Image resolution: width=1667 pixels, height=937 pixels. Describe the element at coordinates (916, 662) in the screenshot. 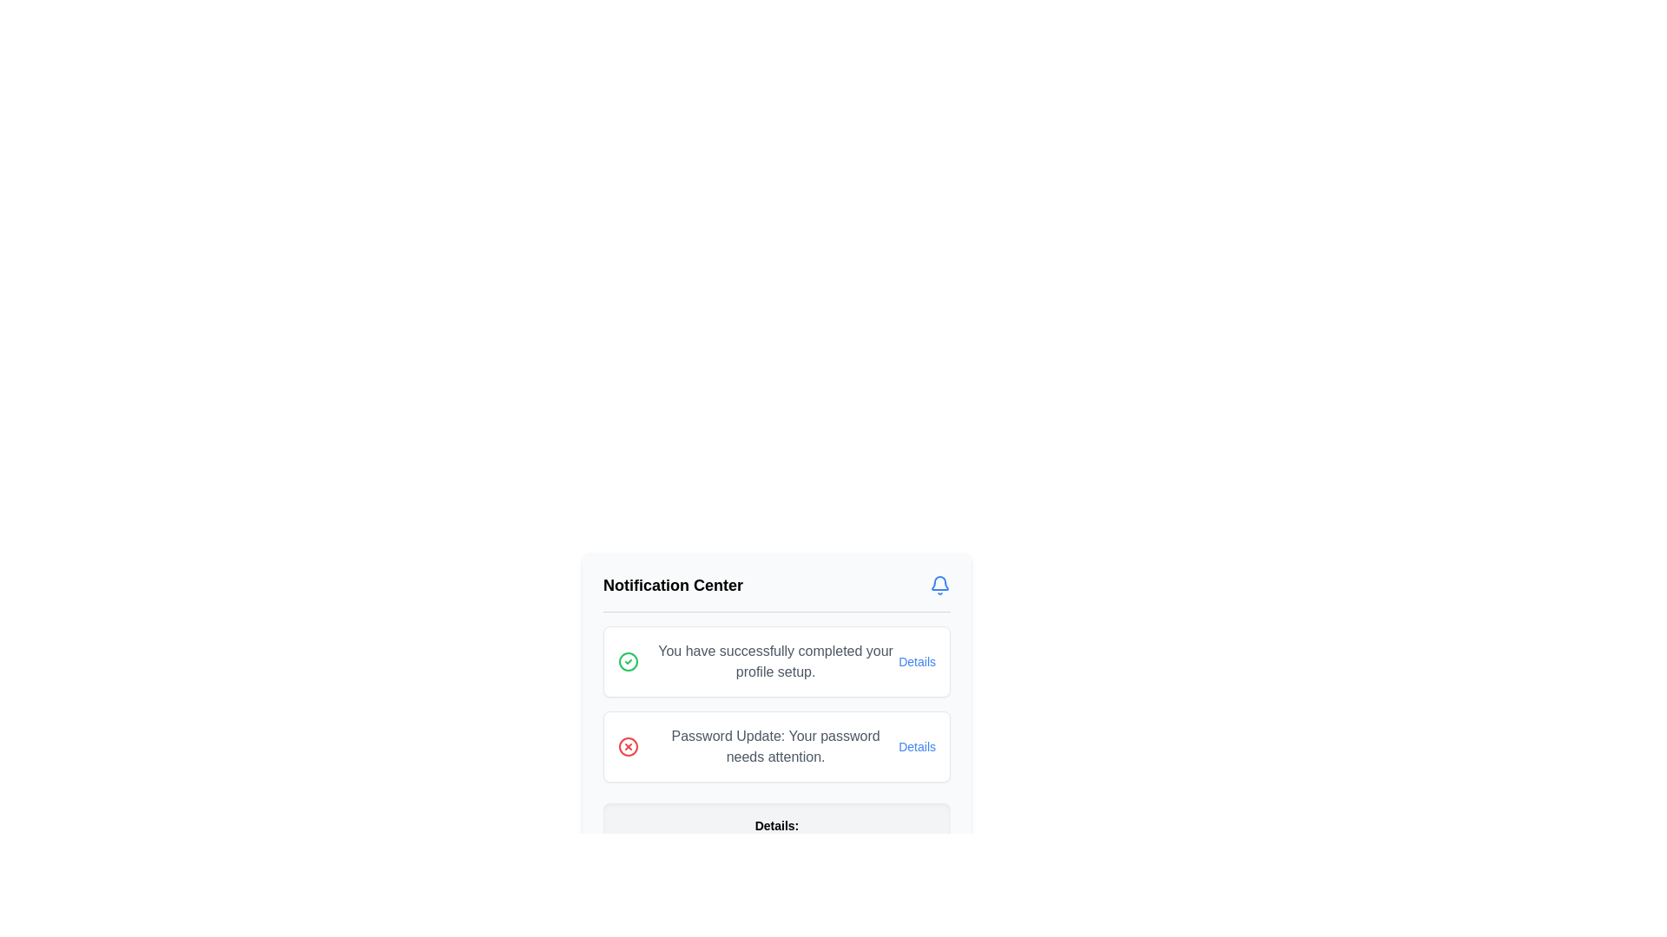

I see `the interactive hyperlink located at the far-right of the notification card indicating successful profile setup` at that location.